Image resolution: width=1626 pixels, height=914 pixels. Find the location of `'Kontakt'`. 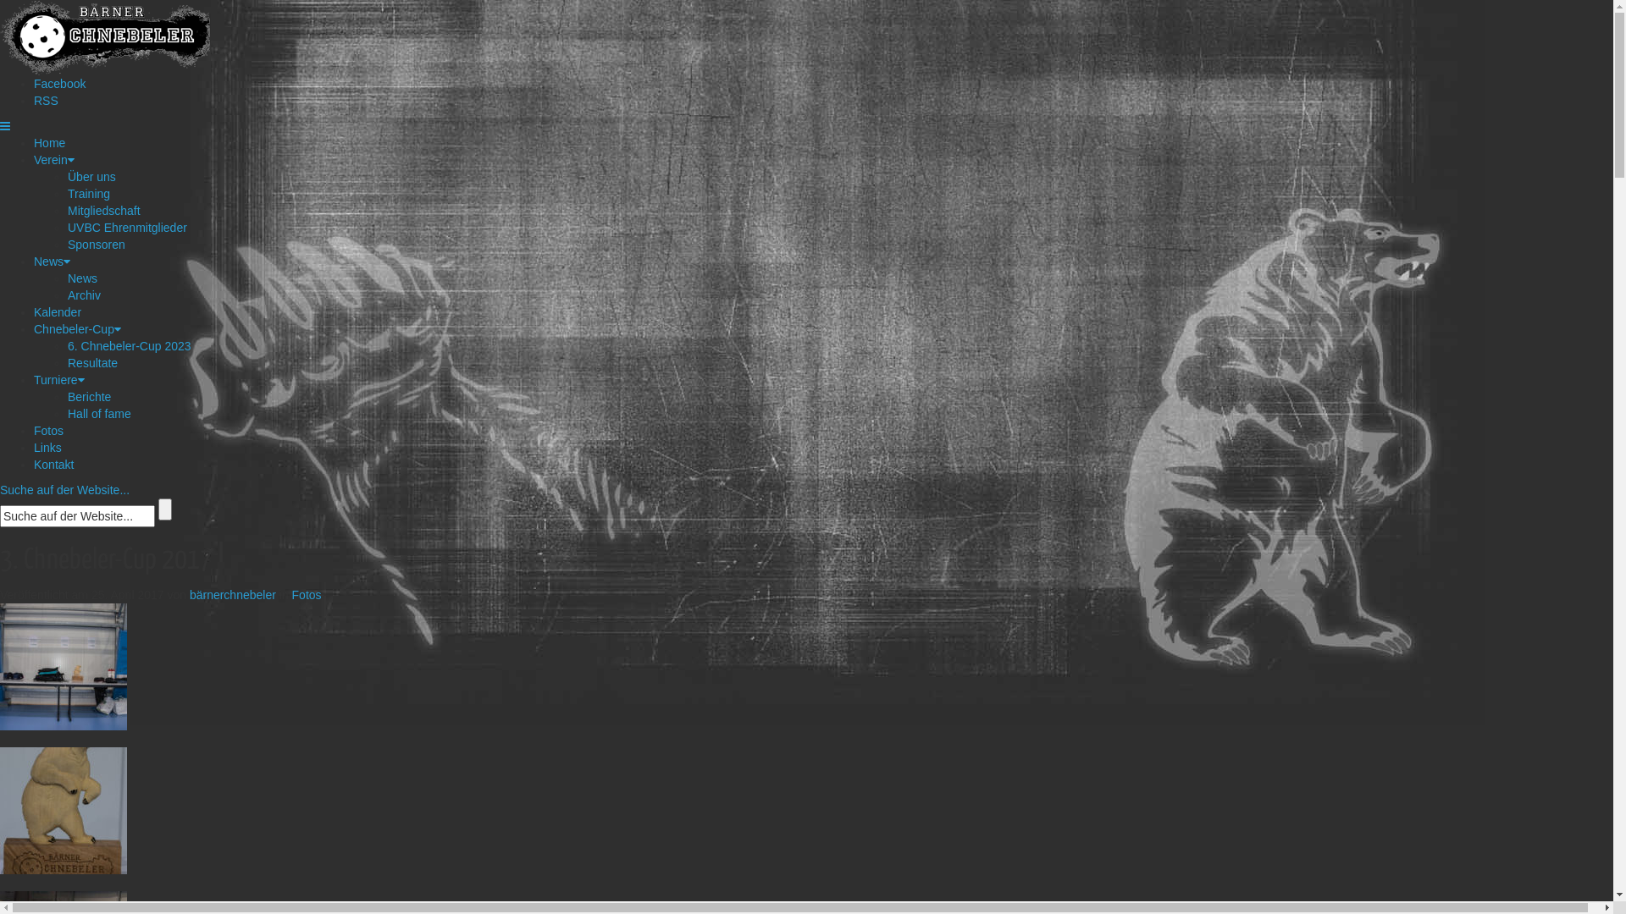

'Kontakt' is located at coordinates (53, 464).